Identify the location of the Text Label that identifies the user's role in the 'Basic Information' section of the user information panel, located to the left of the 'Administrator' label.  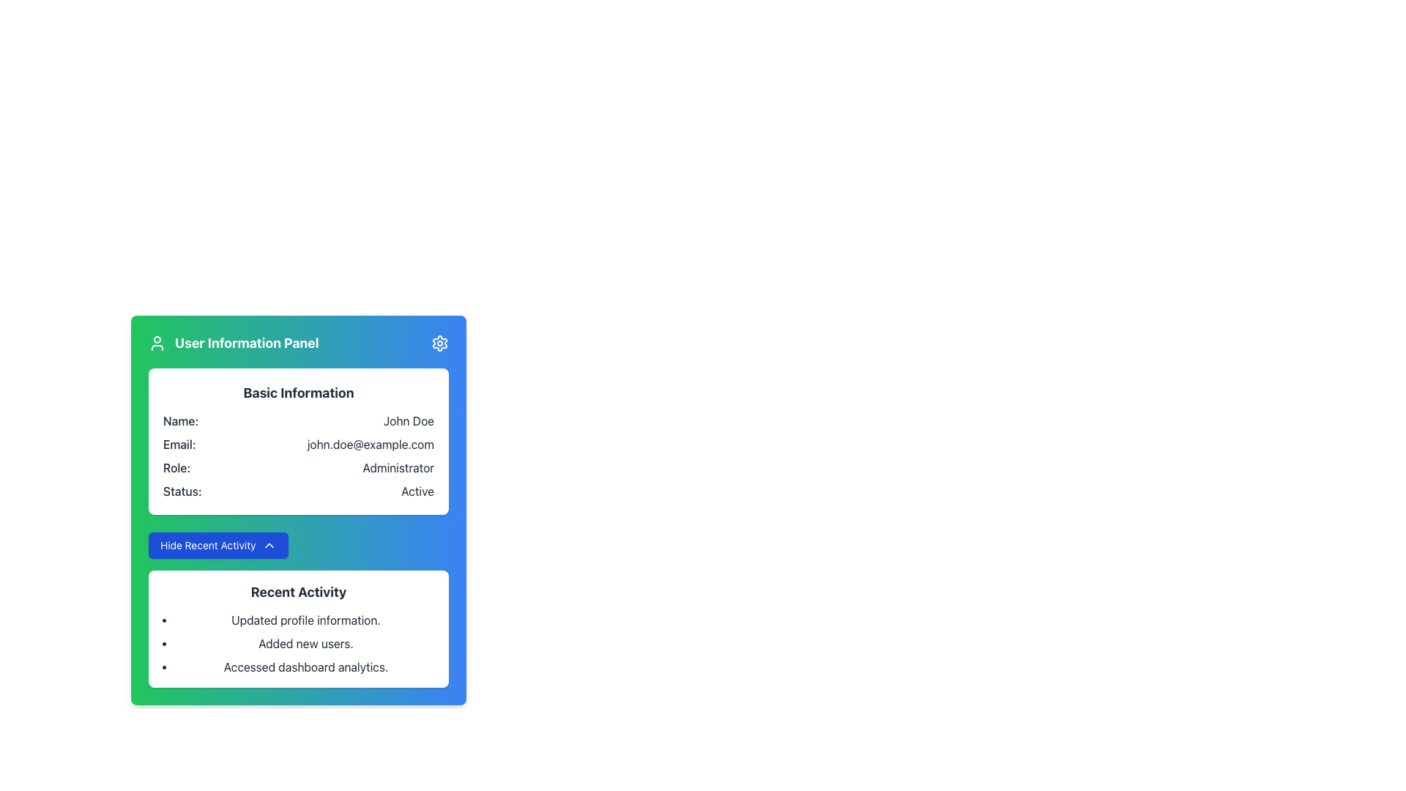
(176, 468).